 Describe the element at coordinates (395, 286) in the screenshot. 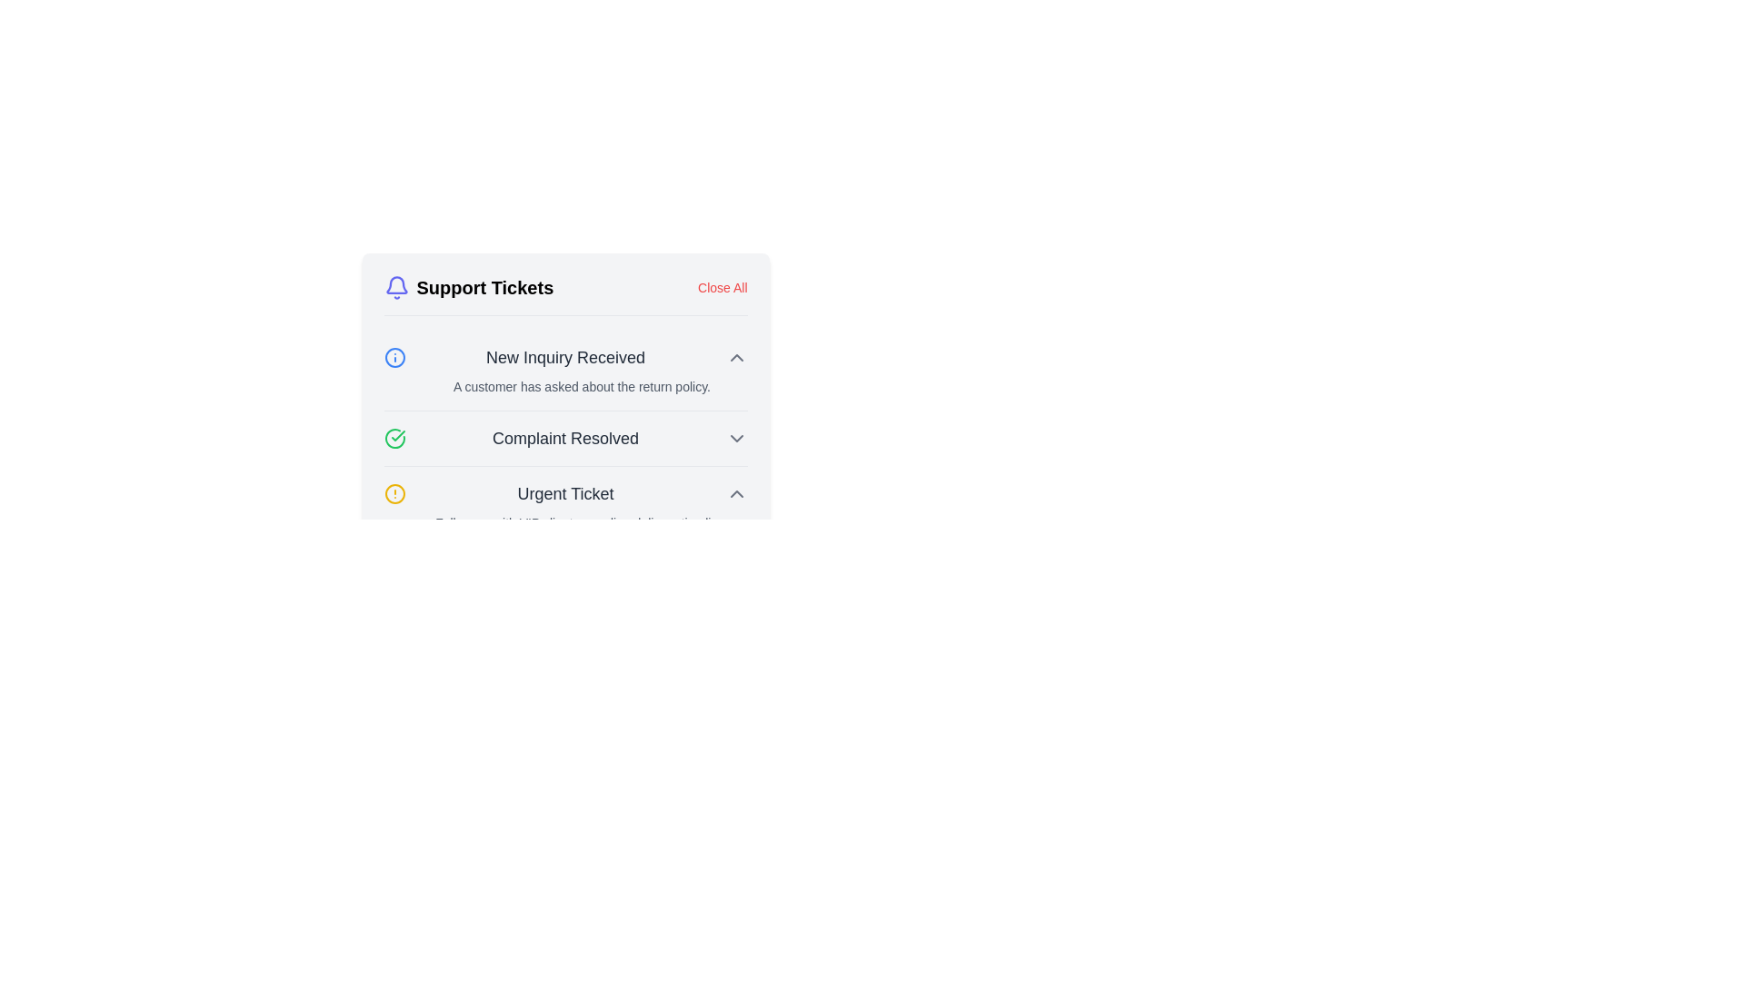

I see `the bell-shaped icon in the 'Support Tickets' section, which is styled in a vivid purple hue and is located to the left of the text 'Support Tickets'` at that location.